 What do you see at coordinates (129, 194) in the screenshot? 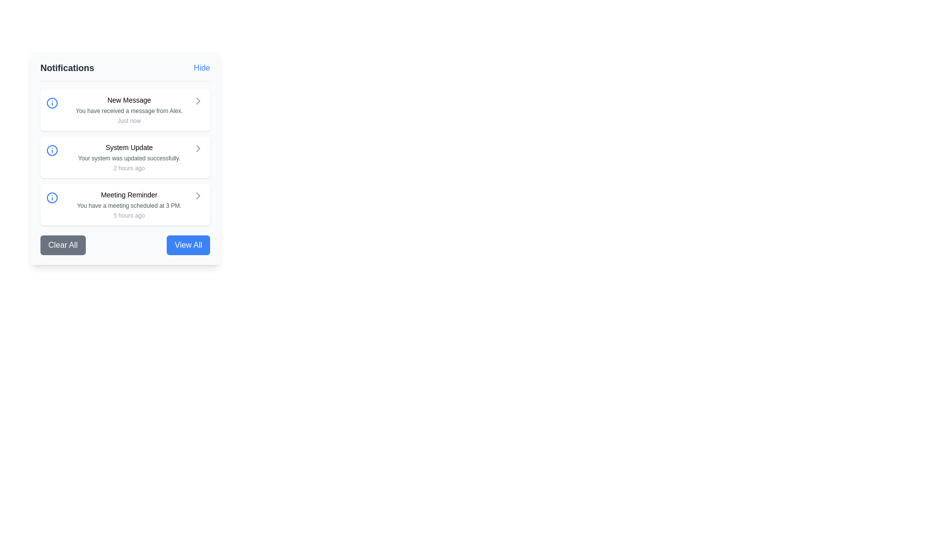
I see `the notification title text label that summarizes the content of the notification, positioned above the descriptive text and timestamp` at bounding box center [129, 194].